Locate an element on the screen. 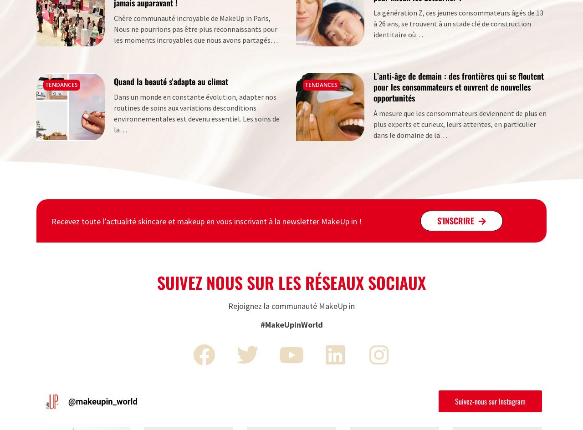  'La génération Z, ces jeunes consommateurs âgés de 13 à 26 ans, se trouvent à un stade clé de construction identitaire où…' is located at coordinates (458, 23).